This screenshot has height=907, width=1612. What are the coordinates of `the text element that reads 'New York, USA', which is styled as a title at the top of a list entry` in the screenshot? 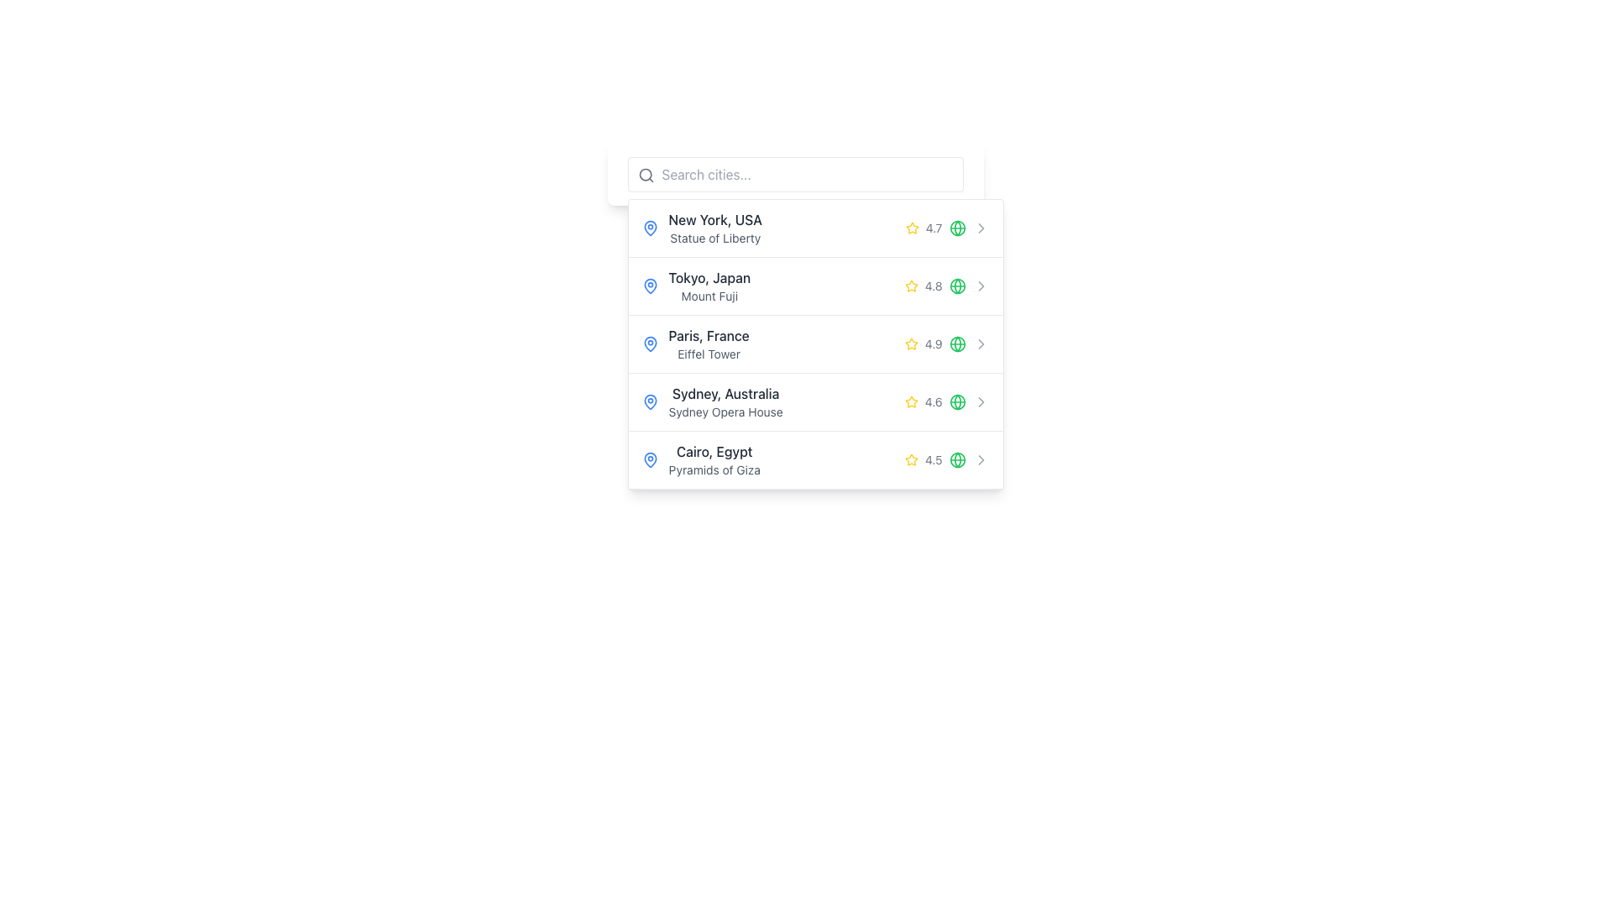 It's located at (715, 219).